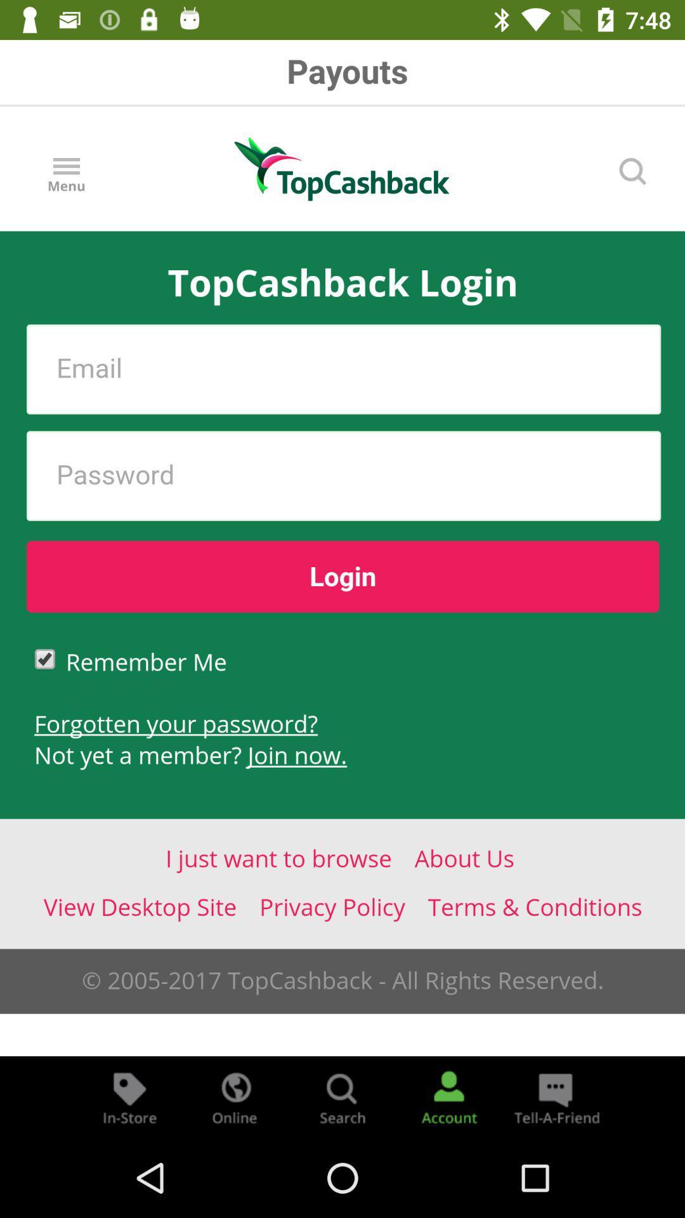 The width and height of the screenshot is (685, 1218). Describe the element at coordinates (448, 1096) in the screenshot. I see `account information` at that location.